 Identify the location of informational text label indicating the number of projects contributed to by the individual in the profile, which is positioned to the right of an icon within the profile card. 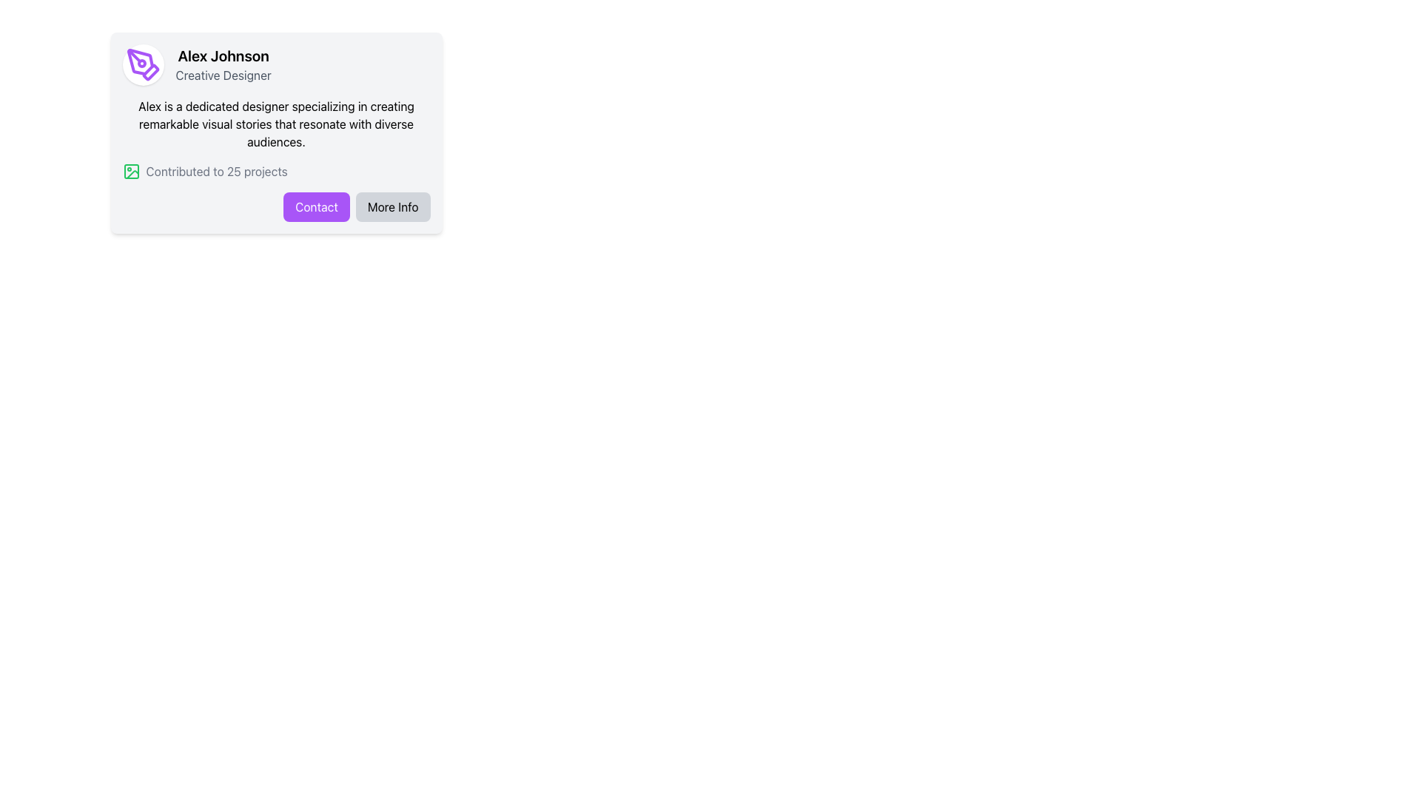
(216, 170).